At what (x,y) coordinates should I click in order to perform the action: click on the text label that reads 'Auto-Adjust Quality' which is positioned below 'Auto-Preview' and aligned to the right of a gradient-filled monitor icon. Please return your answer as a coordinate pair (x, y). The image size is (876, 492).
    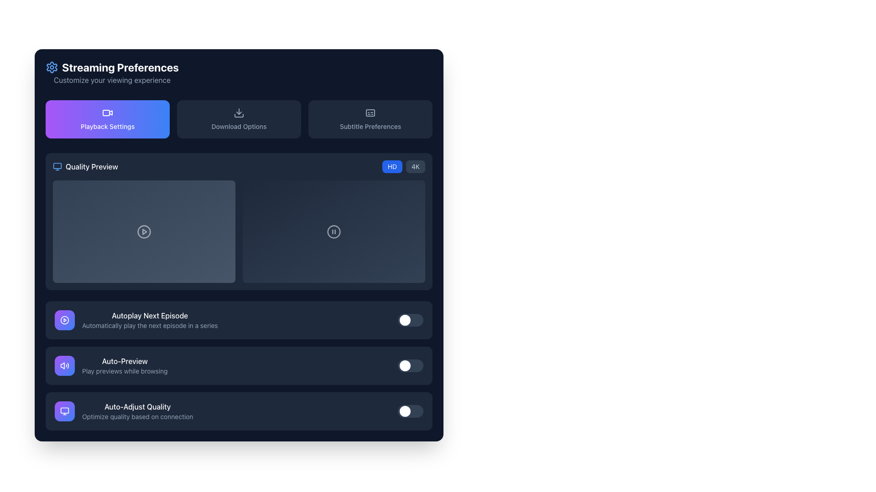
    Looking at the image, I should click on (137, 411).